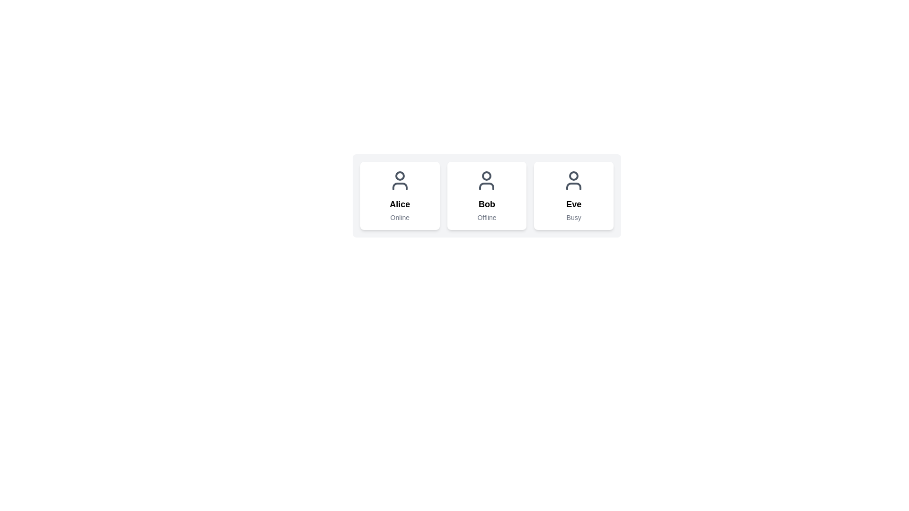  What do you see at coordinates (400, 195) in the screenshot?
I see `the profile card displaying the user's name 'Alice' and status 'Online', which is the first element in a horizontal arrangement of three cards` at bounding box center [400, 195].